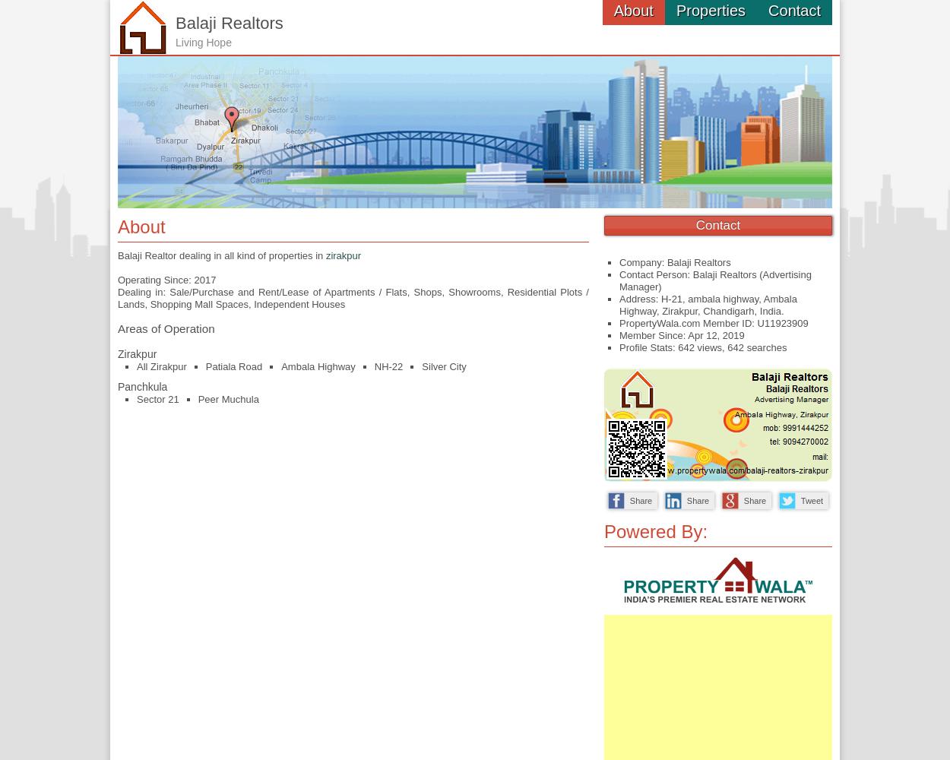  Describe the element at coordinates (703, 347) in the screenshot. I see `'Profile Stats:
                        642
                        views,
                        642
                        searches'` at that location.